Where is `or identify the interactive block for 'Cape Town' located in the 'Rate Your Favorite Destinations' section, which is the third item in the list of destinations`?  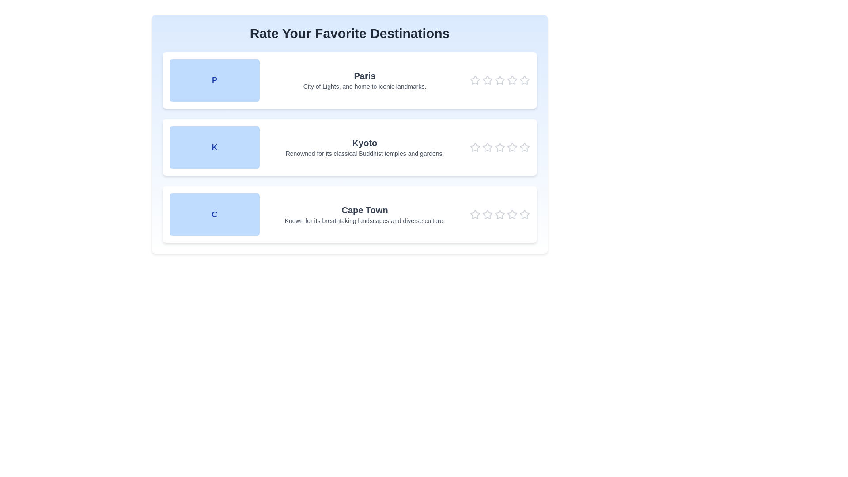
or identify the interactive block for 'Cape Town' located in the 'Rate Your Favorite Destinations' section, which is the third item in the list of destinations is located at coordinates (349, 215).